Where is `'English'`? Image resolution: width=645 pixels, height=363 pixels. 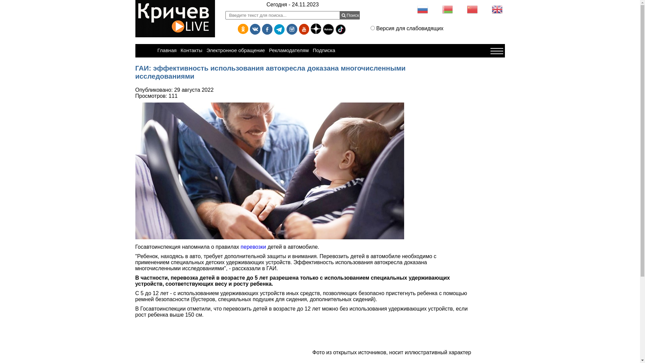
'English' is located at coordinates (497, 9).